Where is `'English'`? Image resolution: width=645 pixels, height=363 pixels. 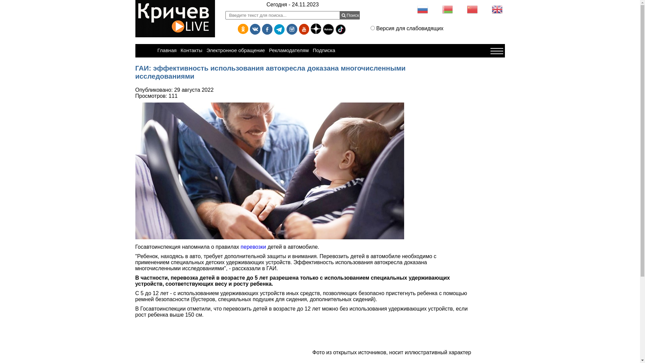
'English' is located at coordinates (497, 9).